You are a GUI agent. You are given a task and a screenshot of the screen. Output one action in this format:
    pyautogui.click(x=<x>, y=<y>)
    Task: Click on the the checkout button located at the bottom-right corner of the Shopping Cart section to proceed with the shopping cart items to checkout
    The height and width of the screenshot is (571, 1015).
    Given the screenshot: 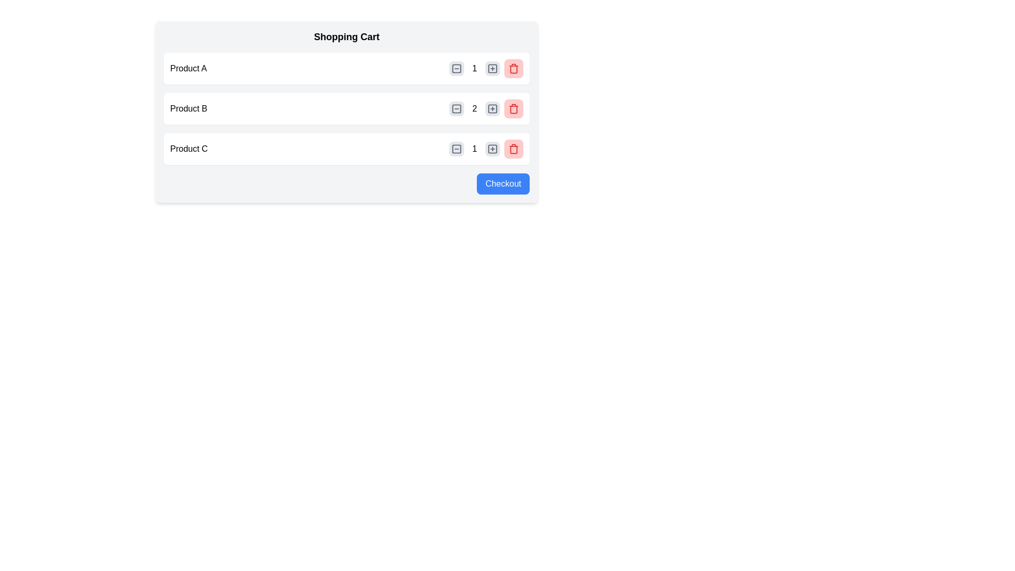 What is the action you would take?
    pyautogui.click(x=503, y=183)
    